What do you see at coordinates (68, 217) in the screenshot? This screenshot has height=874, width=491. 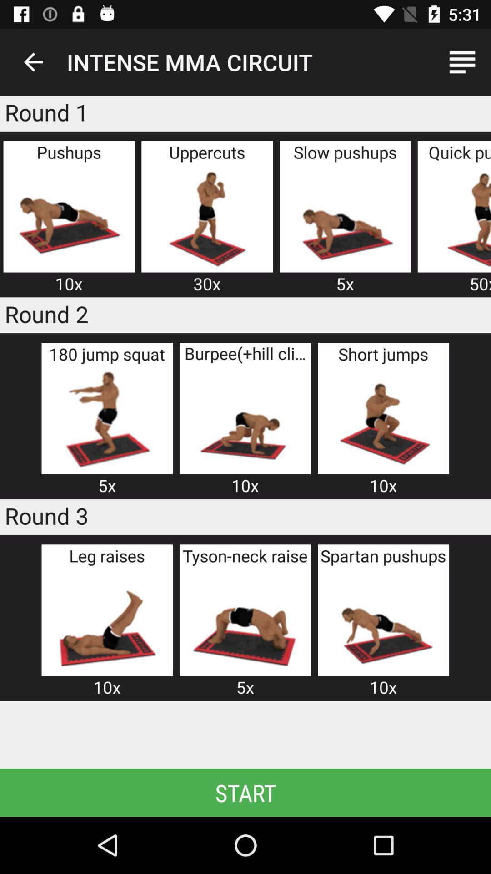 I see `pushup` at bounding box center [68, 217].